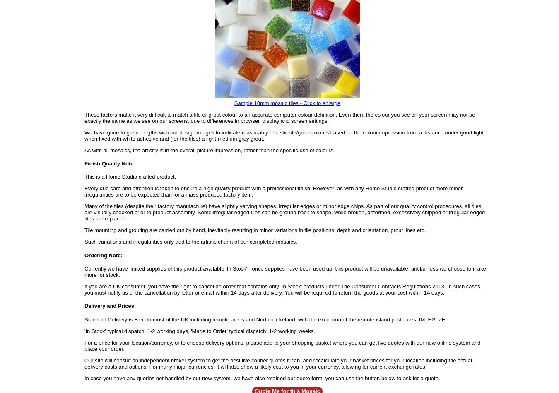 Image resolution: width=559 pixels, height=393 pixels. I want to click on 'Sample 10mm mosaic tiles - Click to enlarge', so click(287, 102).